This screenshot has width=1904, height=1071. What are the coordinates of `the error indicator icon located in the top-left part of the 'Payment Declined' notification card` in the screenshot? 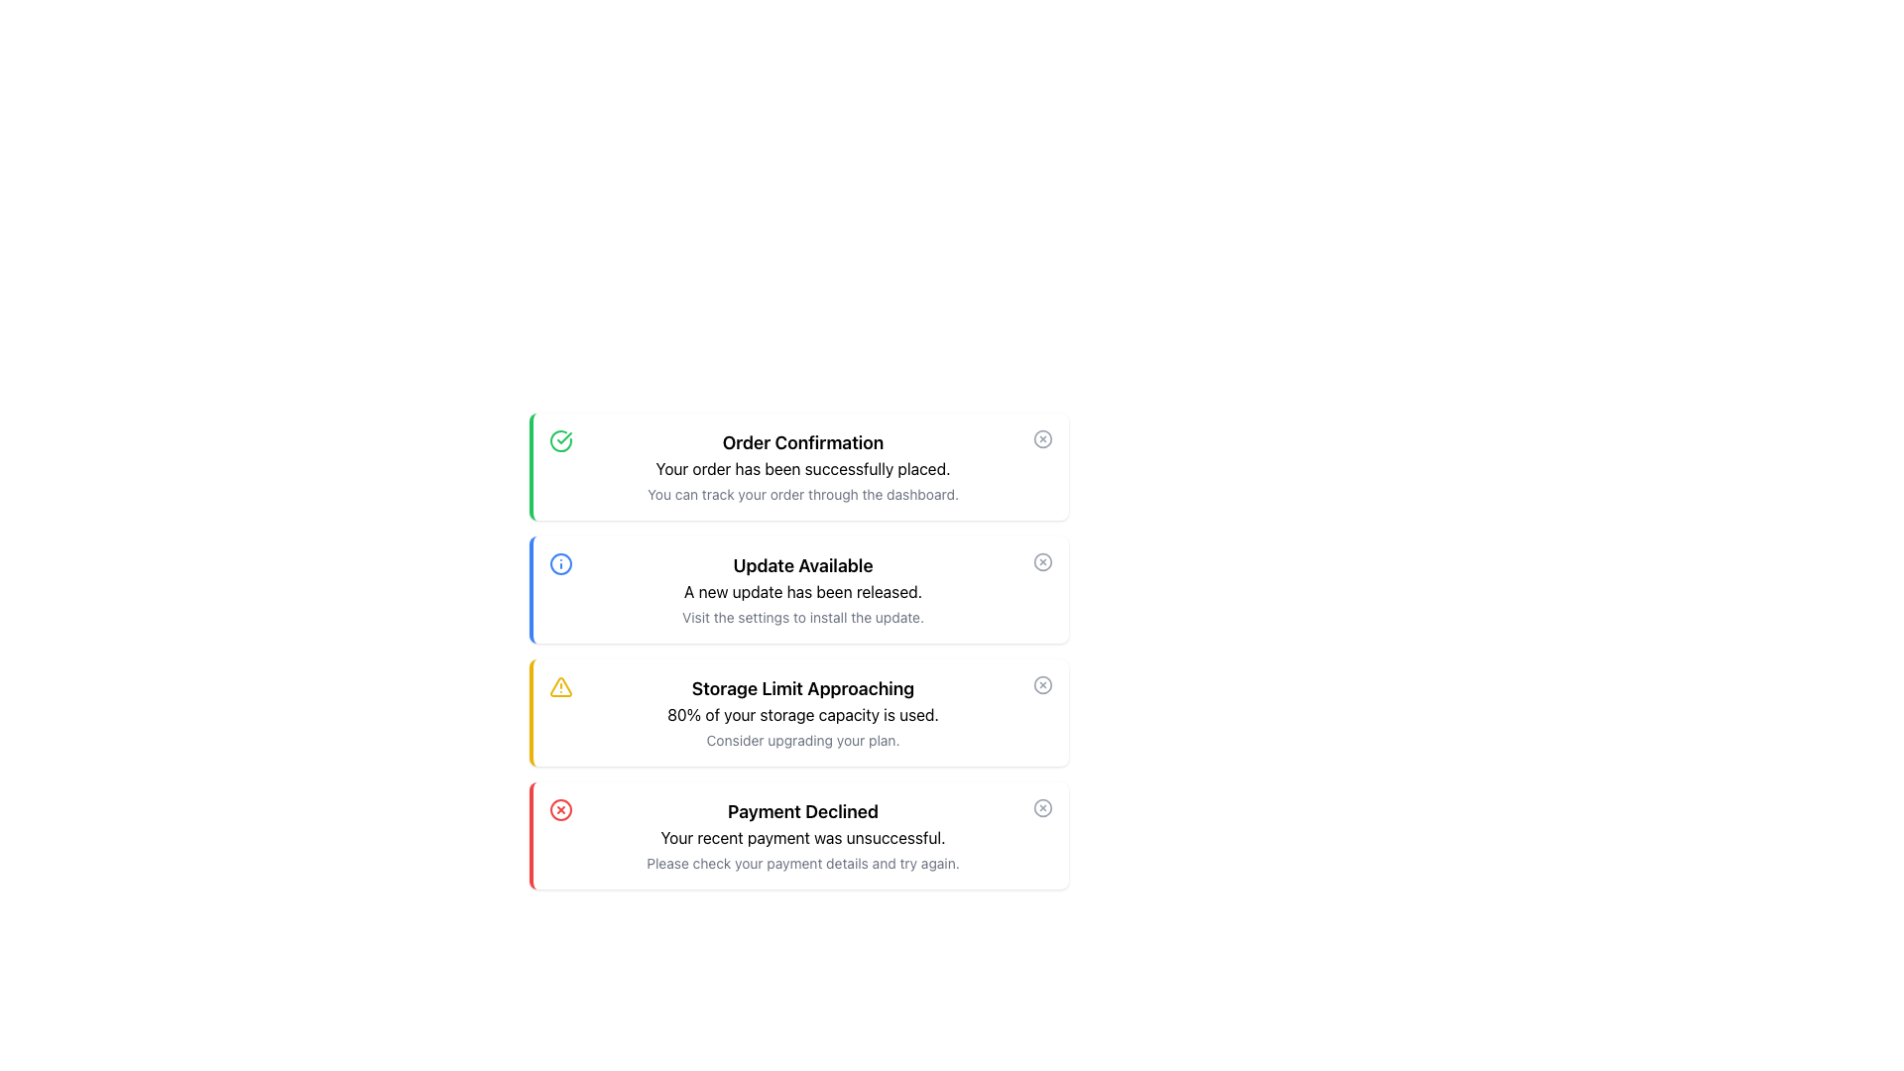 It's located at (560, 810).